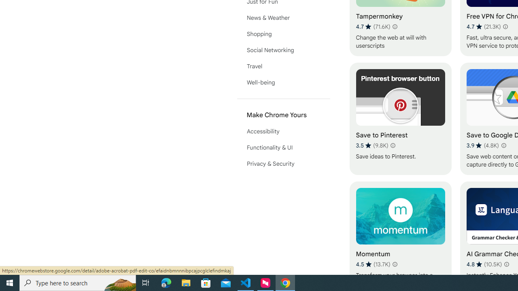 This screenshot has height=291, width=518. What do you see at coordinates (395, 26) in the screenshot?
I see `'Learn more about results and reviews "Tampermonkey"'` at bounding box center [395, 26].